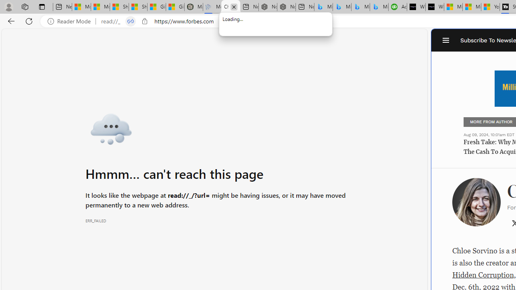 This screenshot has width=516, height=290. Describe the element at coordinates (434, 7) in the screenshot. I see `'What'` at that location.